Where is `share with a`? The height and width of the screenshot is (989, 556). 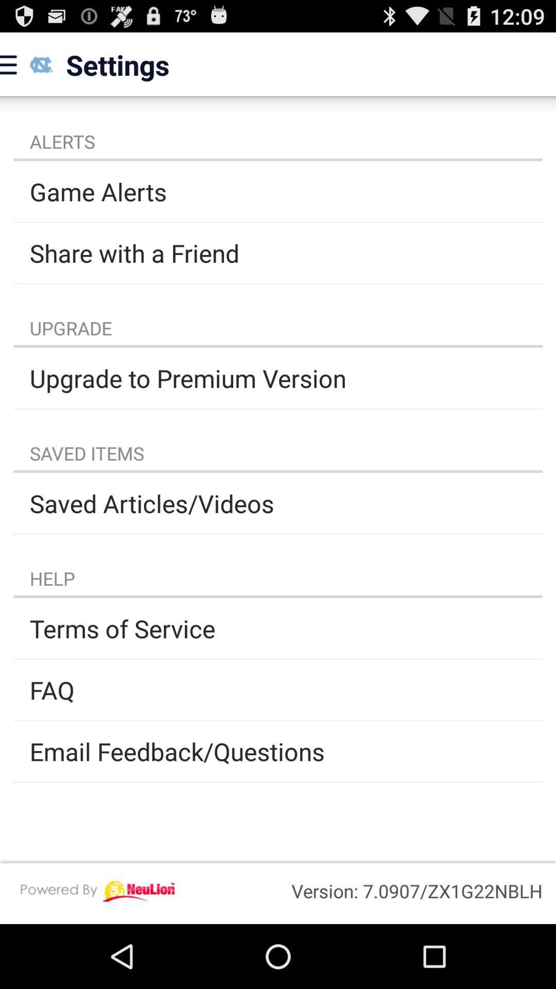
share with a is located at coordinates (278, 253).